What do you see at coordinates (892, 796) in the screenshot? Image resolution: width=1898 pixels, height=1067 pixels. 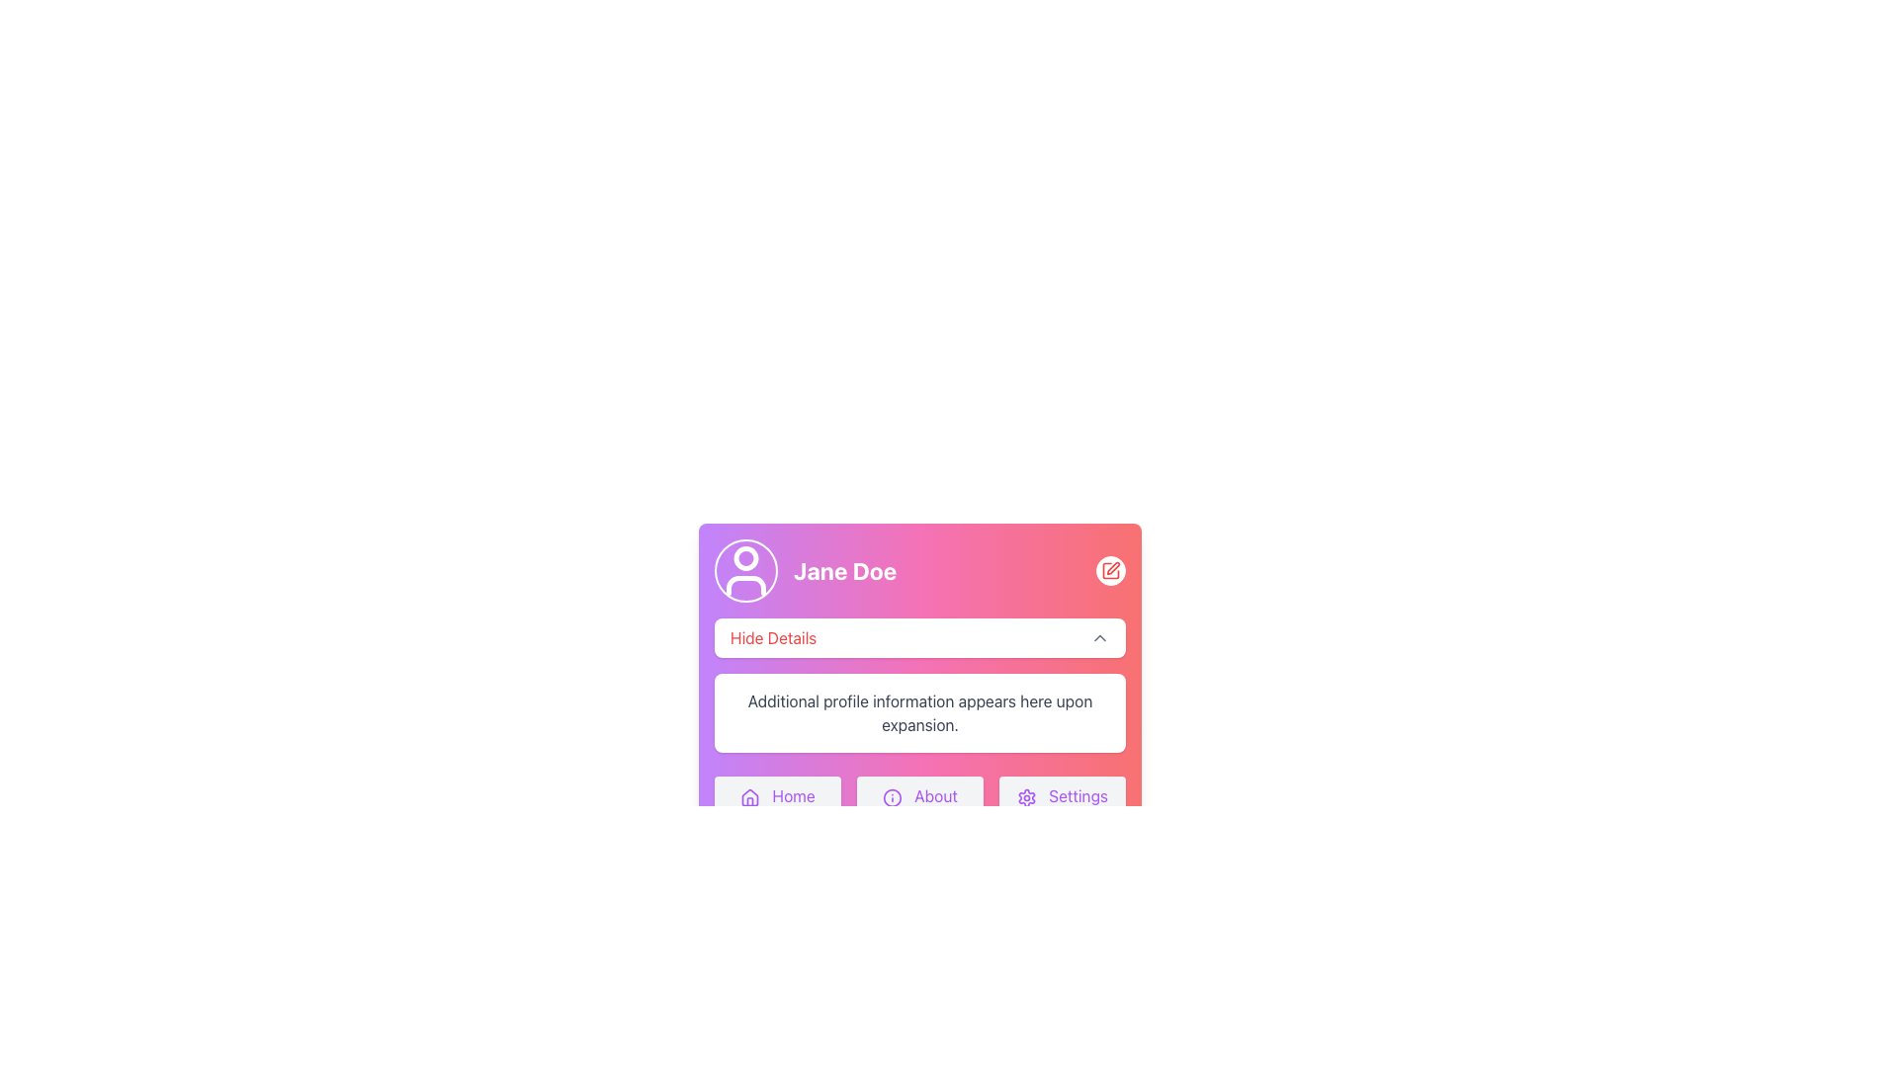 I see `the Circular Graphic Element in the SVG icon that represents an 'info' or 'about' symbol` at bounding box center [892, 796].